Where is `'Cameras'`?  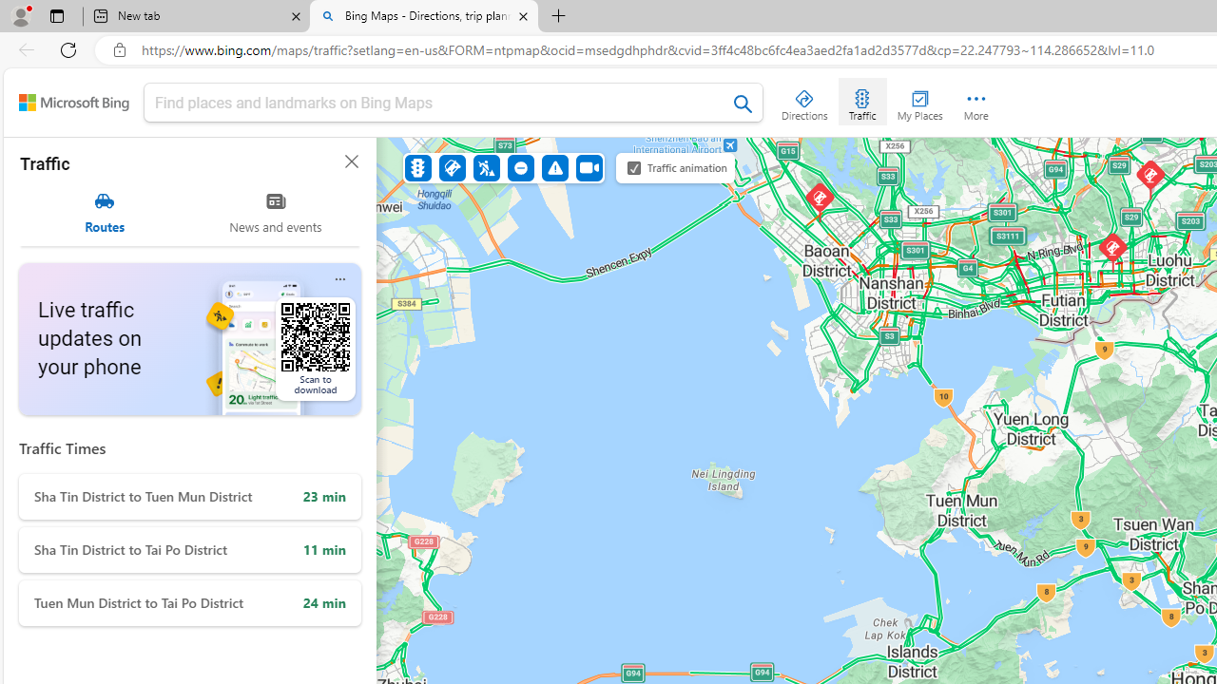
'Cameras' is located at coordinates (588, 166).